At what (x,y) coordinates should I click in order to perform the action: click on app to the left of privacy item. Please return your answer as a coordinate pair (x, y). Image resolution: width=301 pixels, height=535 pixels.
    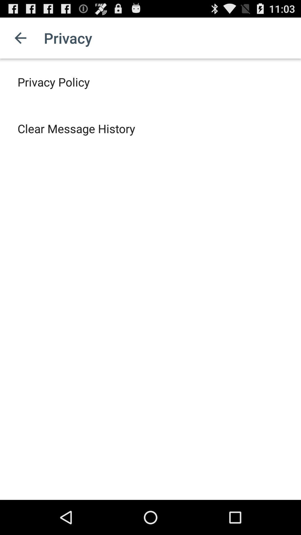
    Looking at the image, I should click on (20, 38).